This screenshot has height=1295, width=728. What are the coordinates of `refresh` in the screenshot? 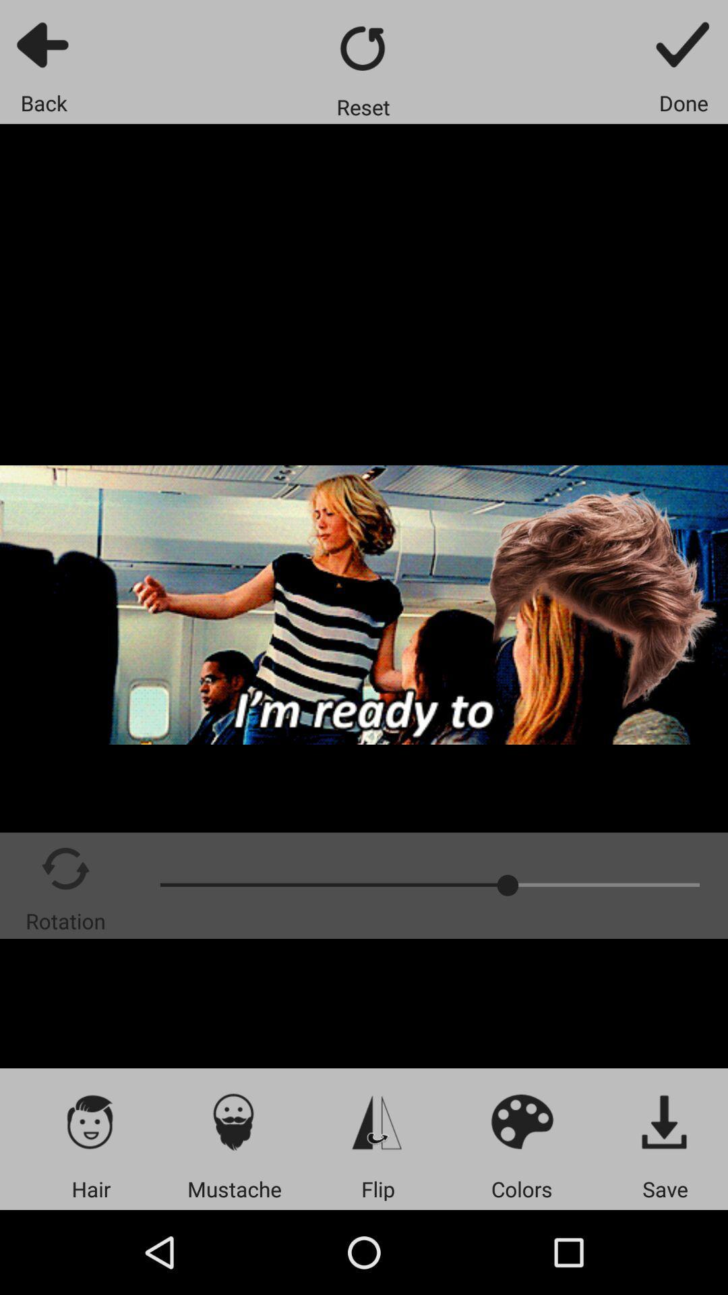 It's located at (363, 48).